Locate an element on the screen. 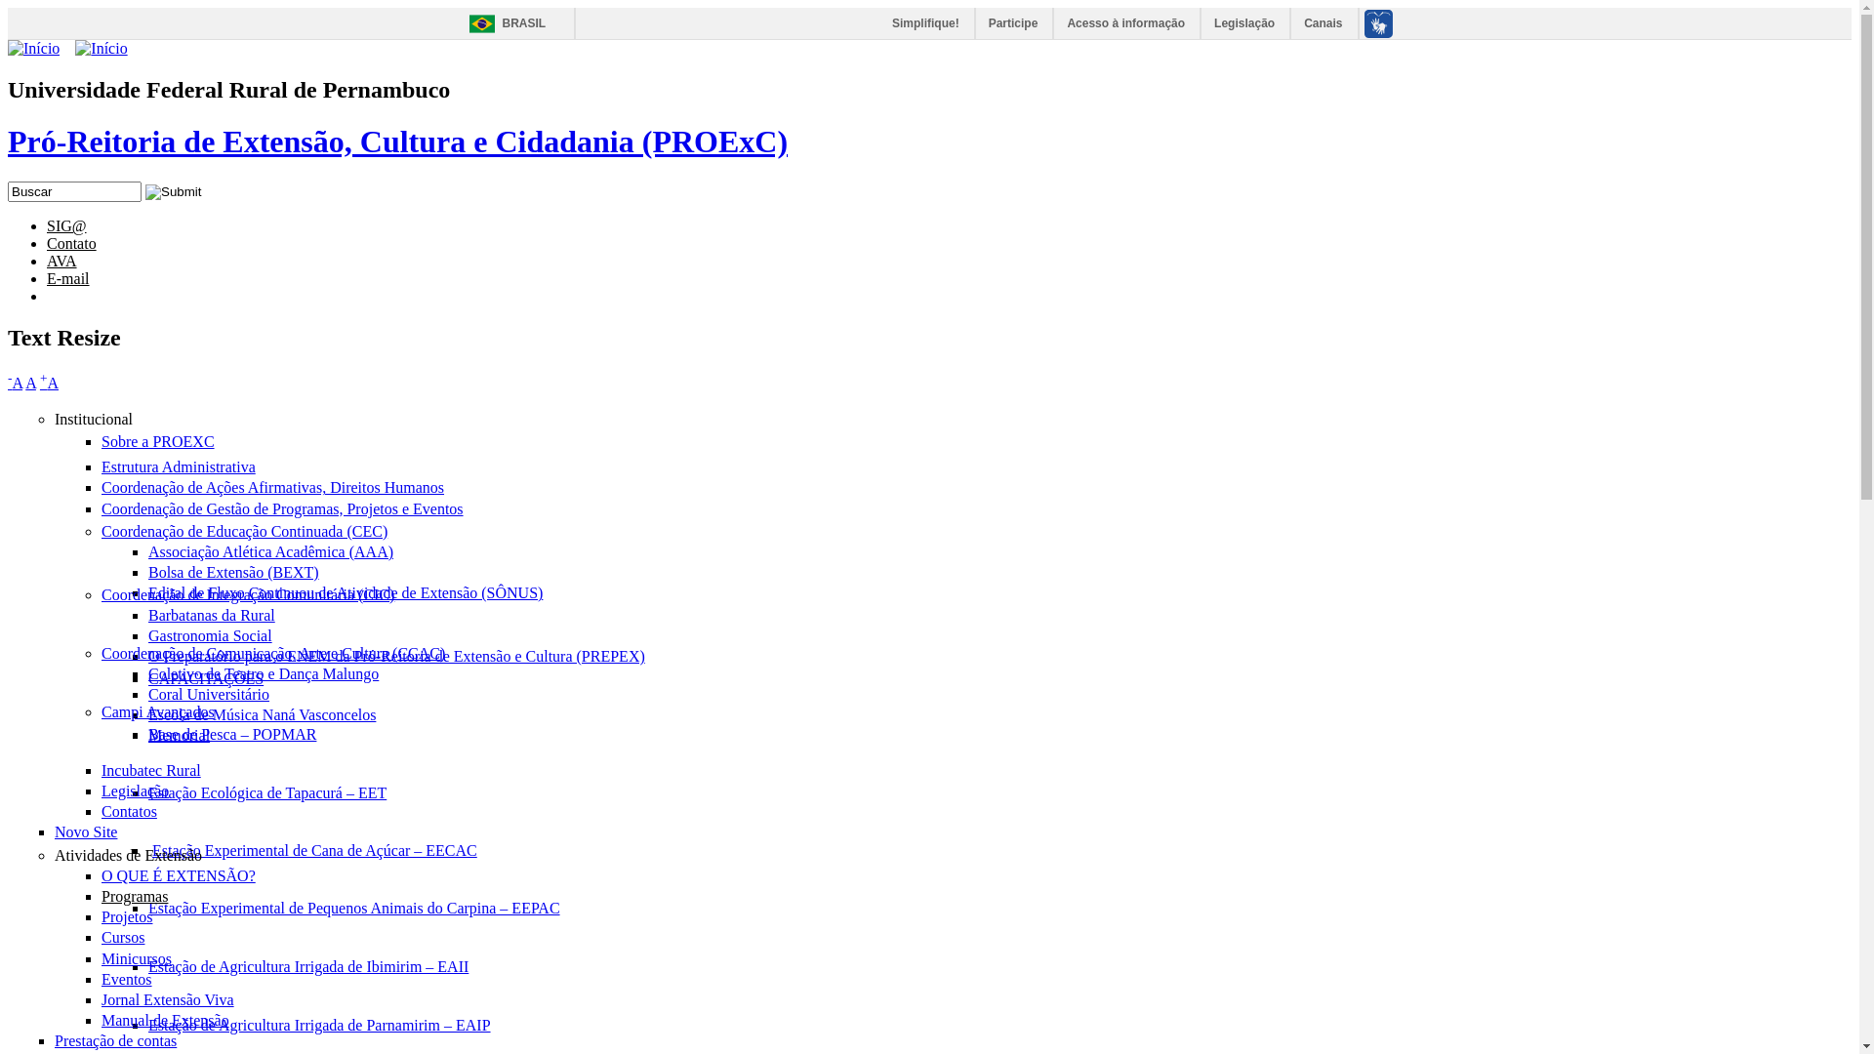 This screenshot has width=1874, height=1054. 'Sobre a PROEXC' is located at coordinates (158, 441).